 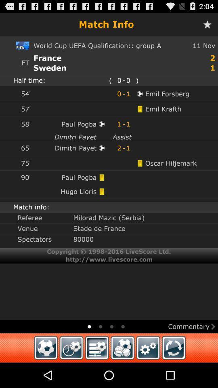 What do you see at coordinates (122, 372) in the screenshot?
I see `the avatar icon` at bounding box center [122, 372].